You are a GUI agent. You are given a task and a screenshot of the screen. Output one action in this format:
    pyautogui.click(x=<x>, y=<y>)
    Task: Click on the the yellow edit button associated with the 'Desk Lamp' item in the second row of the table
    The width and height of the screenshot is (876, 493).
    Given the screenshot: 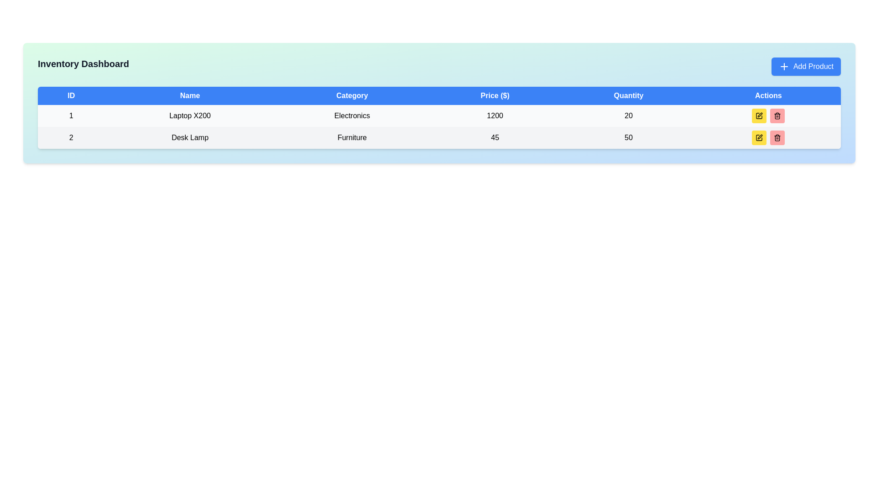 What is the action you would take?
    pyautogui.click(x=759, y=137)
    